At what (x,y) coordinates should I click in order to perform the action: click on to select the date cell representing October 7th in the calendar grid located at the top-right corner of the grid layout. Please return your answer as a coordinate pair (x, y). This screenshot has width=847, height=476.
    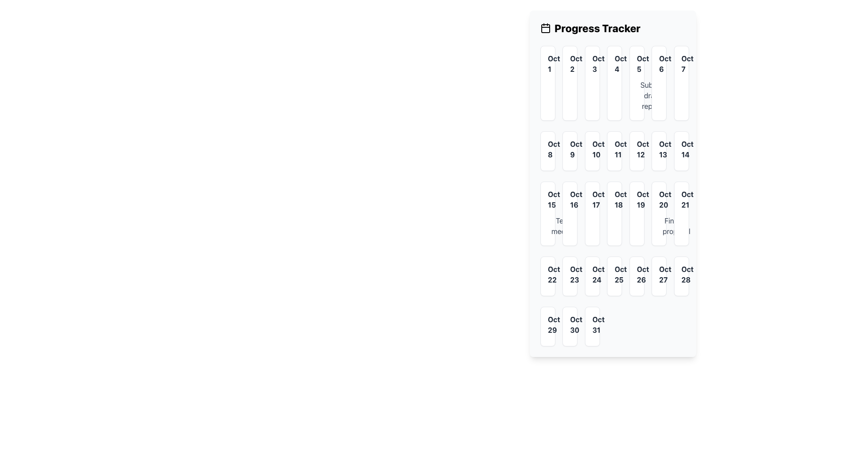
    Looking at the image, I should click on (681, 83).